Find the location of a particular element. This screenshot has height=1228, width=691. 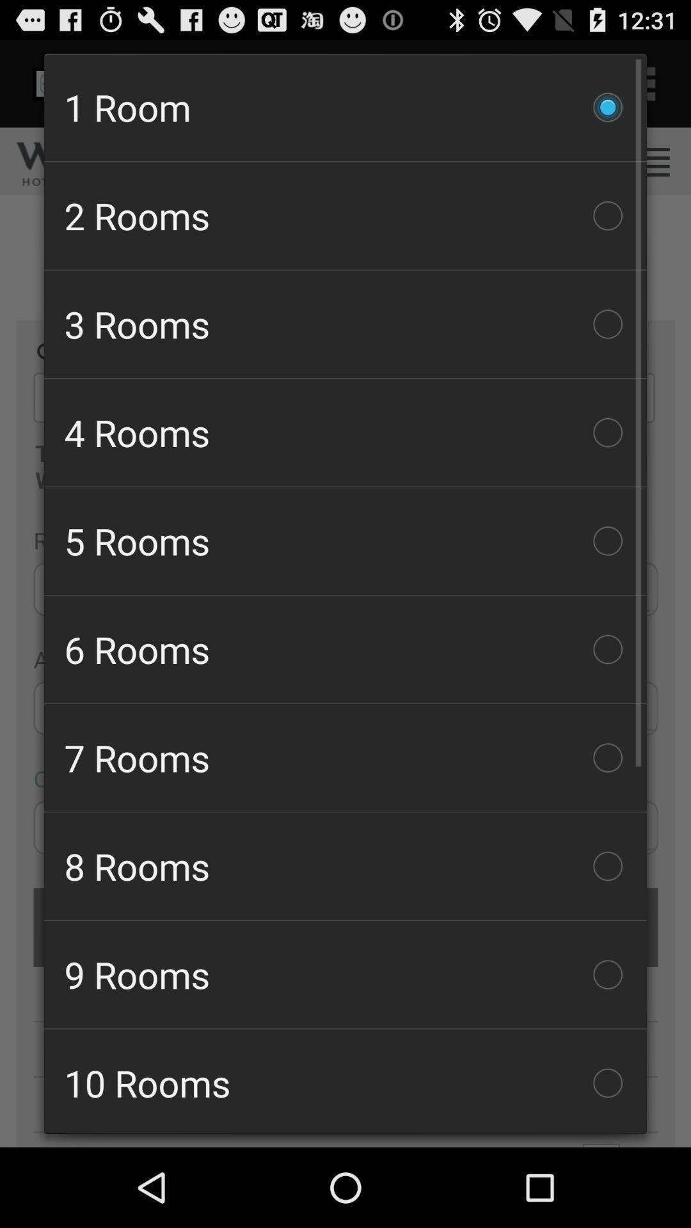

the checkbox above 6 rooms is located at coordinates (345, 540).